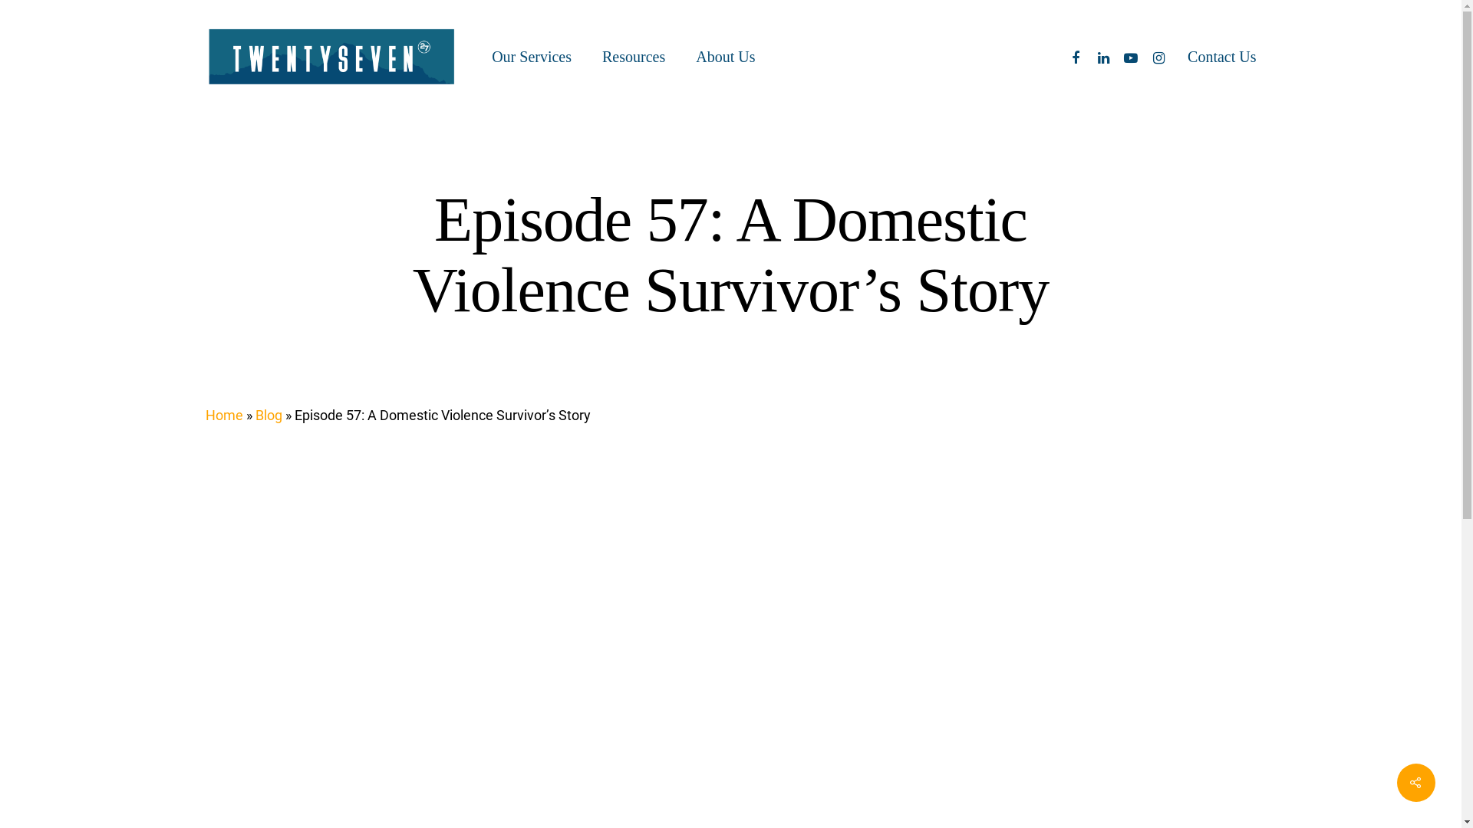 The width and height of the screenshot is (1473, 828). I want to click on 'About Us', so click(724, 55).